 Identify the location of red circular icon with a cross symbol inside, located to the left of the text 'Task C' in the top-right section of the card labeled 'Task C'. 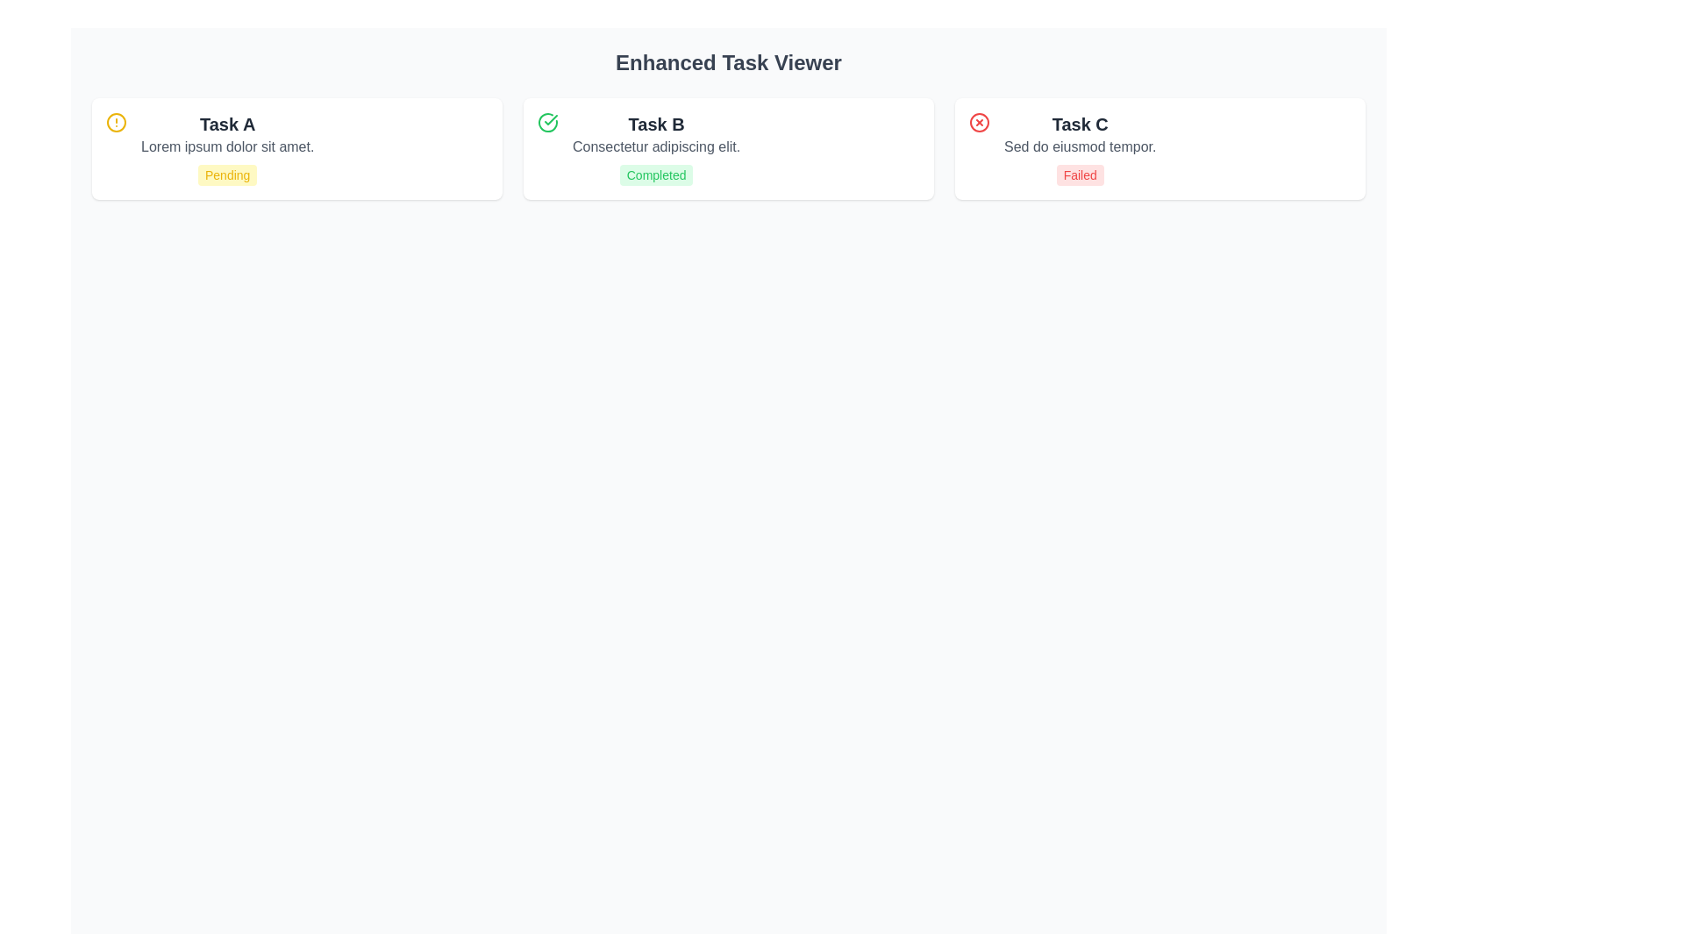
(979, 121).